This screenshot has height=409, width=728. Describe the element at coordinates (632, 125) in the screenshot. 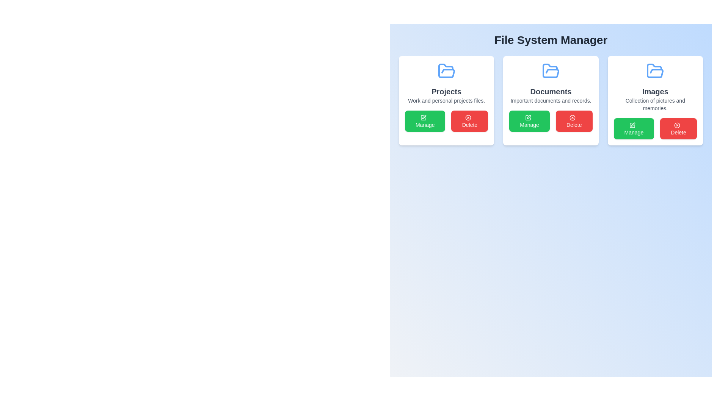

I see `the small square icon with a pencil, located to the left of the 'Manage' button in the 'Images' card` at that location.